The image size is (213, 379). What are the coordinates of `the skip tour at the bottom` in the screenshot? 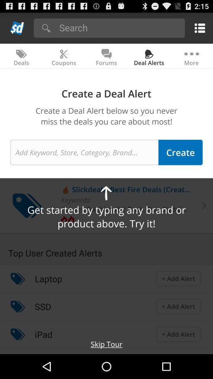 It's located at (106, 343).